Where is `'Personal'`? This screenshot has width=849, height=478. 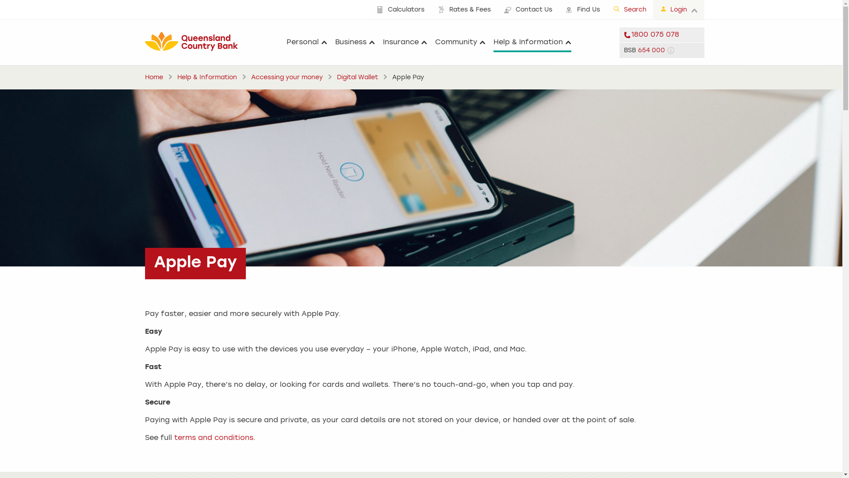
'Personal' is located at coordinates (287, 42).